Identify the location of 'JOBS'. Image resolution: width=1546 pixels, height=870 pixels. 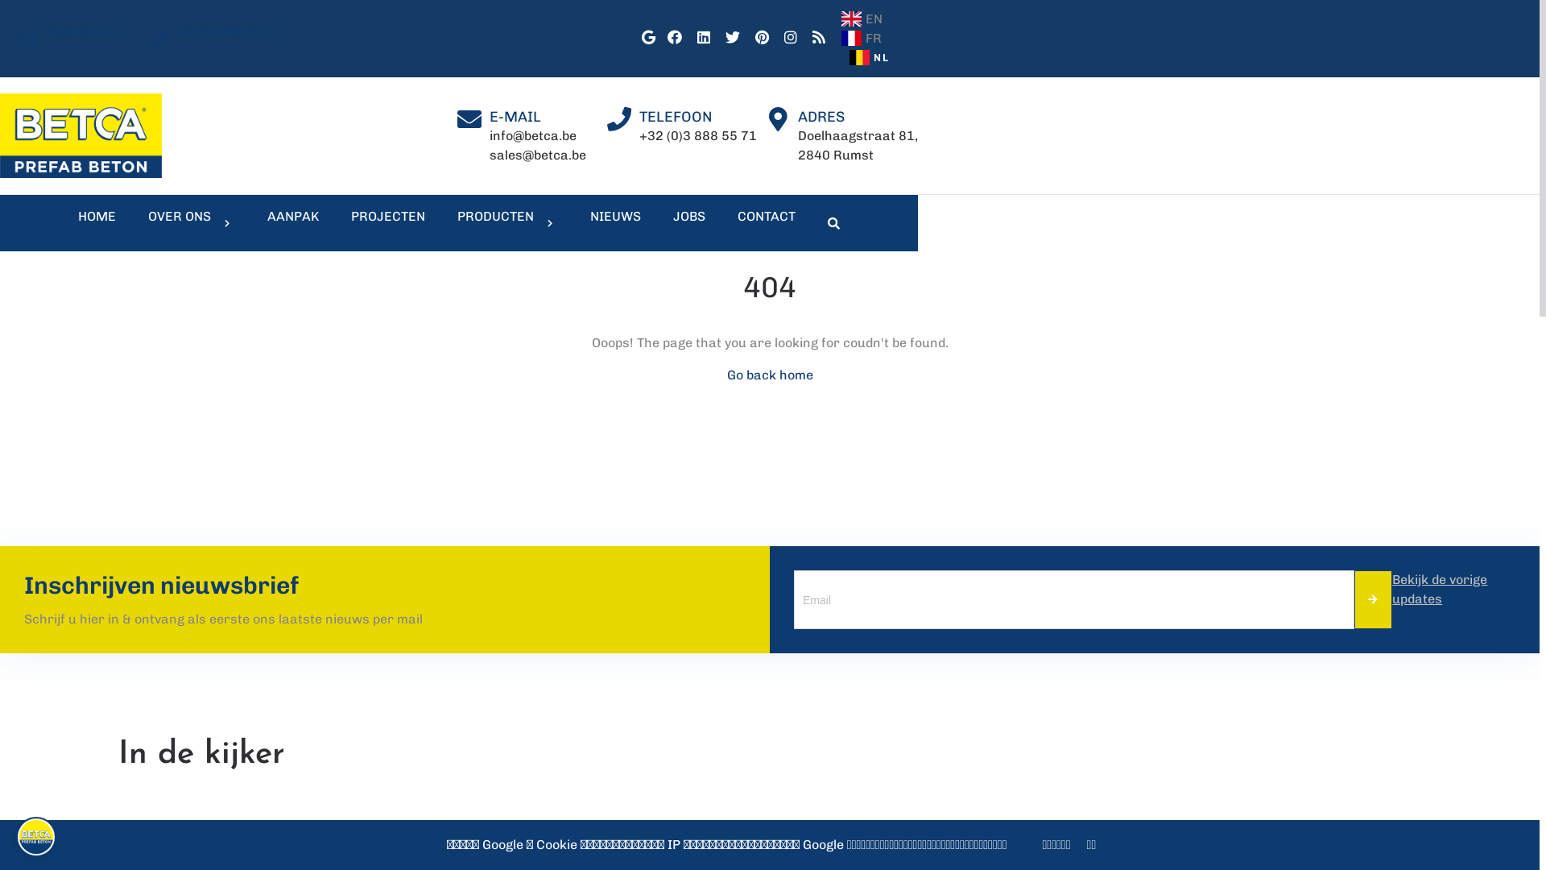
(657, 223).